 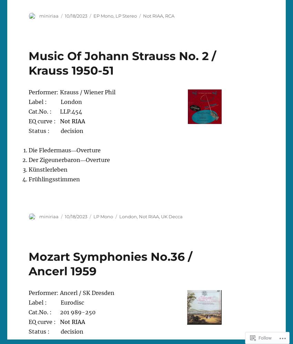 I want to click on 'UK Decca', so click(x=172, y=216).